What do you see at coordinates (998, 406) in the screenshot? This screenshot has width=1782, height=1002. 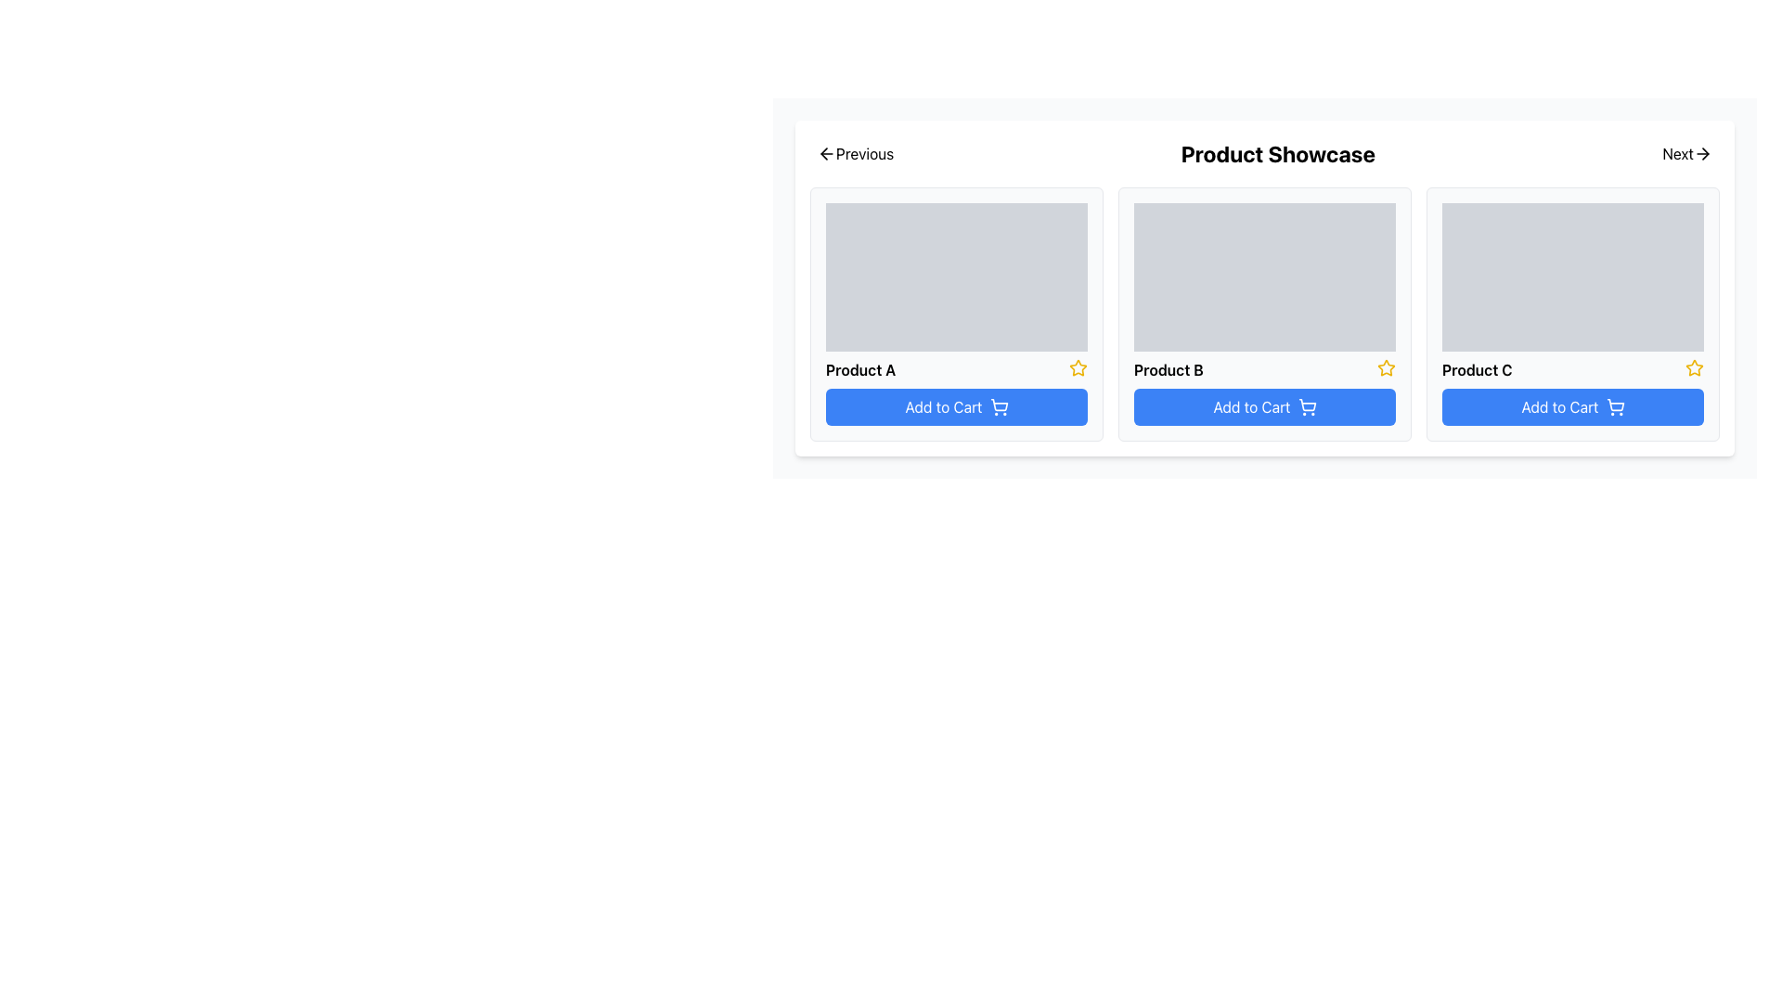 I see `the shopping cart icon located inside the 'Add to Cart' button, which features a blue background and a white minimalist design, positioned towards the right side of the button` at bounding box center [998, 406].